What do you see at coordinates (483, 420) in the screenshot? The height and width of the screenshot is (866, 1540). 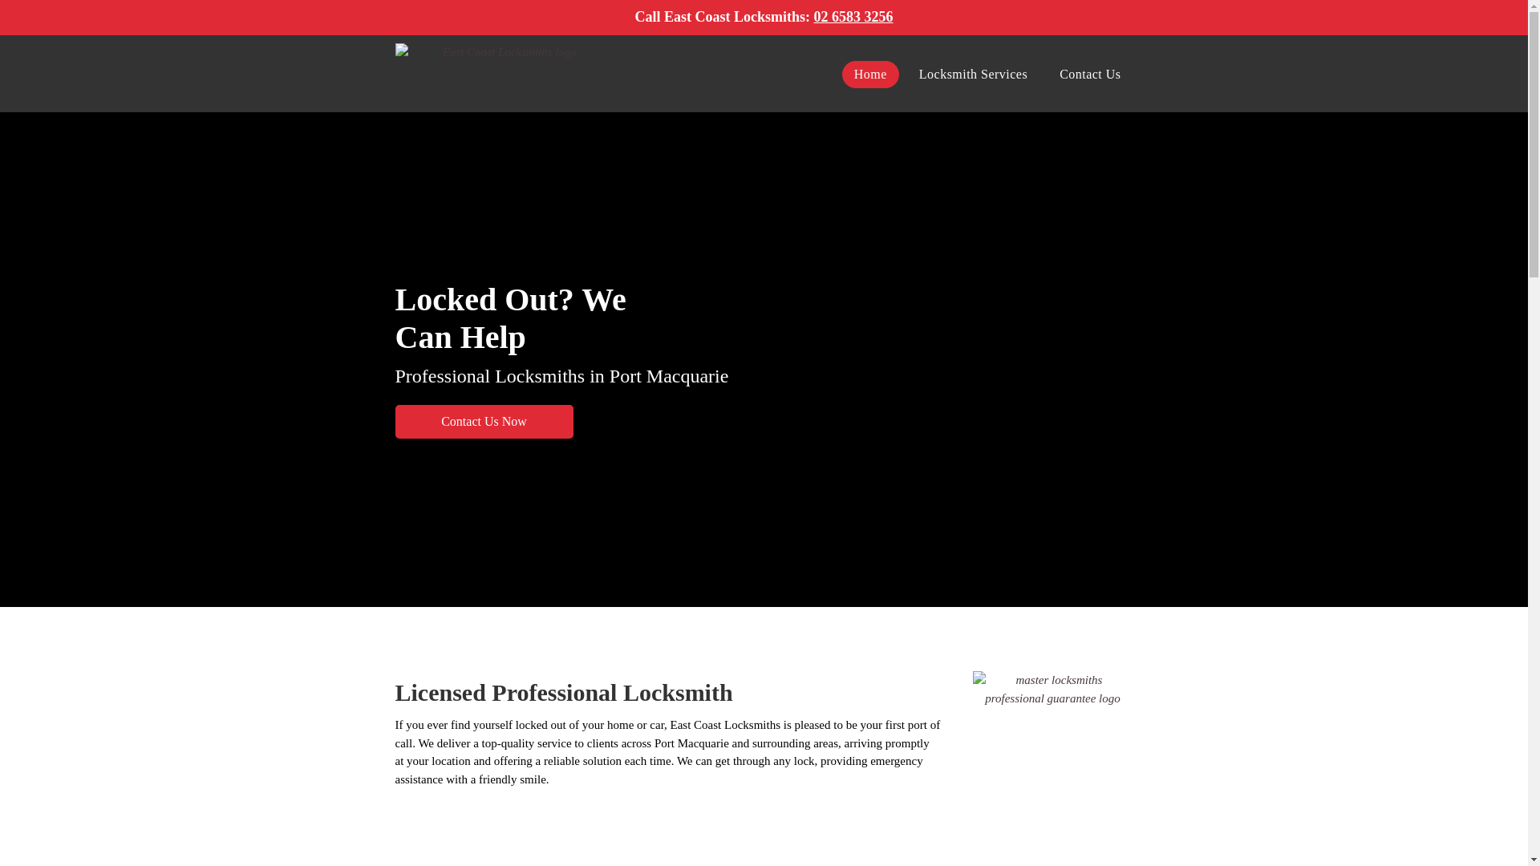 I see `'Contact Us Now'` at bounding box center [483, 420].